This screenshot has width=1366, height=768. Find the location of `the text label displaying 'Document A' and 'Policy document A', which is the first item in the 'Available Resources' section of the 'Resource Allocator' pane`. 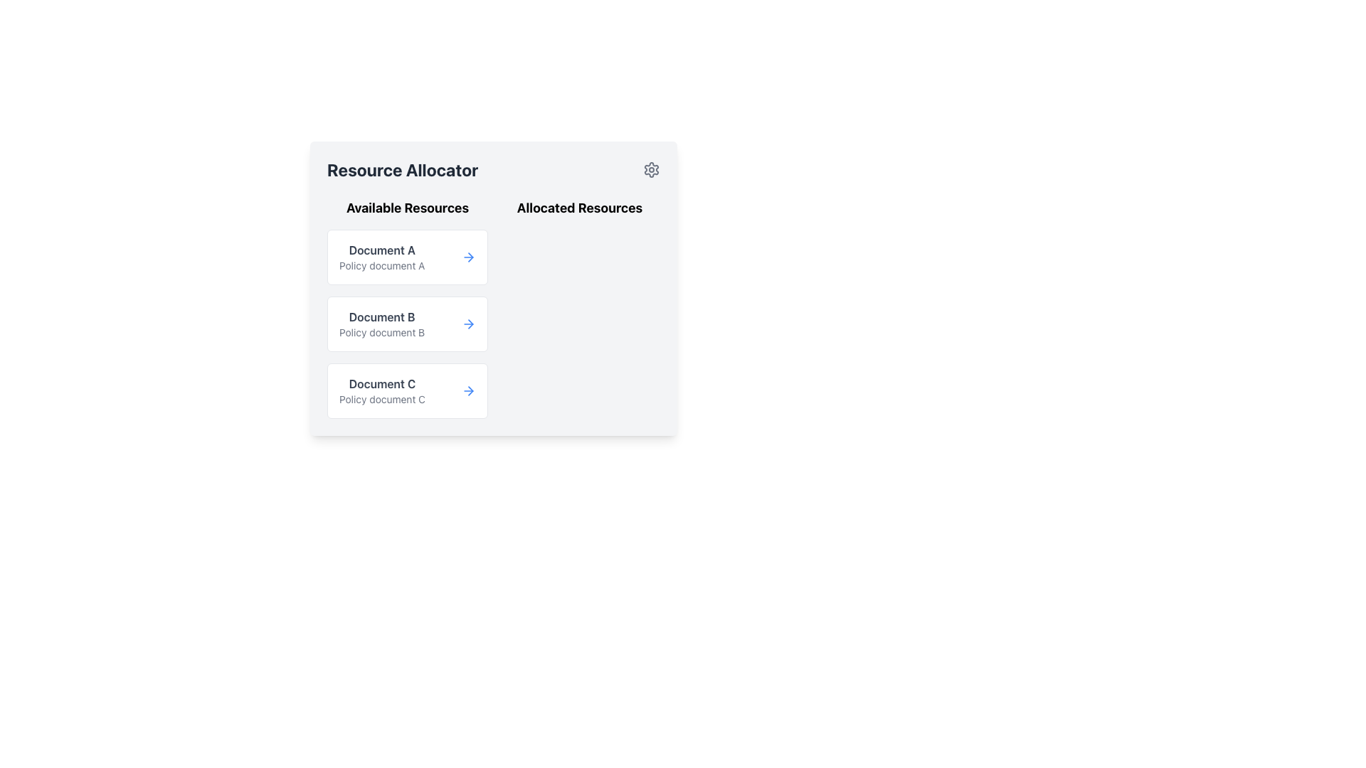

the text label displaying 'Document A' and 'Policy document A', which is the first item in the 'Available Resources' section of the 'Resource Allocator' pane is located at coordinates (382, 257).